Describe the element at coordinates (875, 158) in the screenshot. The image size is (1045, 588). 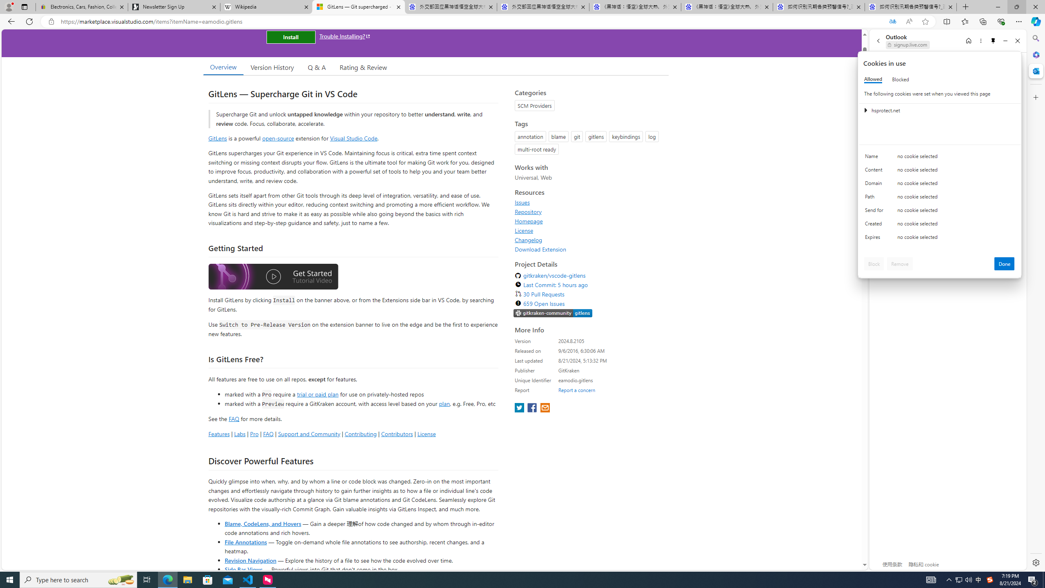
I see `'Name'` at that location.